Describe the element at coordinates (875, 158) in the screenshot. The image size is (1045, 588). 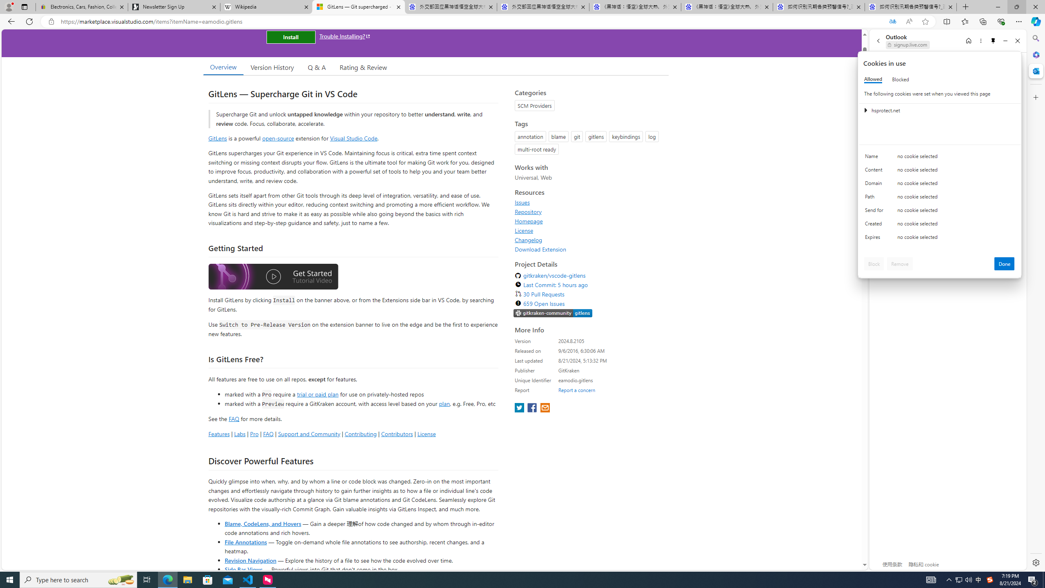
I see `'Name'` at that location.